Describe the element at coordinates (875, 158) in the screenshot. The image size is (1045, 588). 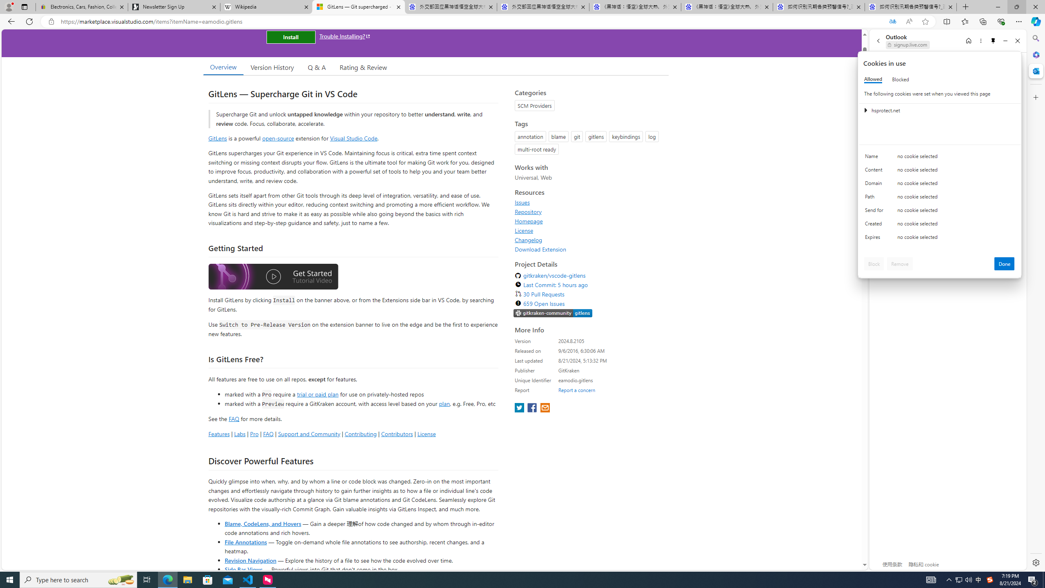
I see `'Name'` at that location.